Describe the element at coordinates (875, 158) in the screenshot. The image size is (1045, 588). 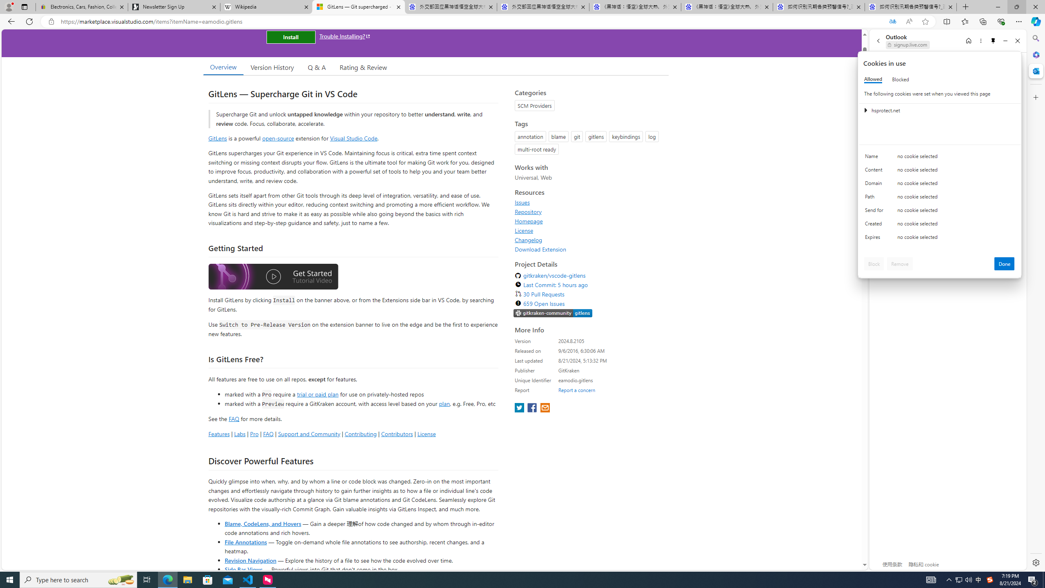
I see `'Name'` at that location.